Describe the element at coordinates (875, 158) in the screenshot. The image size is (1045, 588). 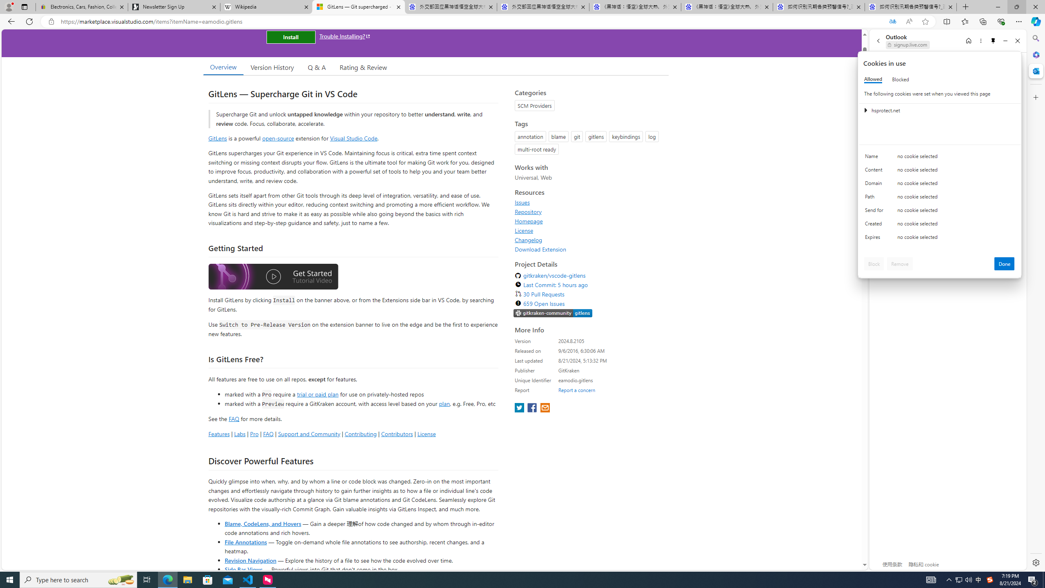
I see `'Name'` at that location.